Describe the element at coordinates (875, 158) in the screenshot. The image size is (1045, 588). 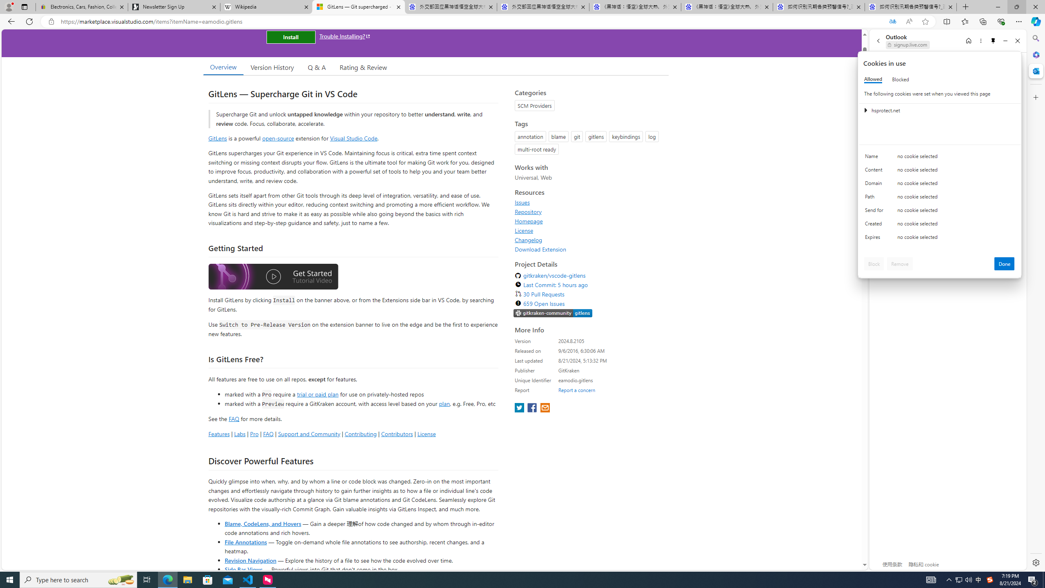
I see `'Name'` at that location.